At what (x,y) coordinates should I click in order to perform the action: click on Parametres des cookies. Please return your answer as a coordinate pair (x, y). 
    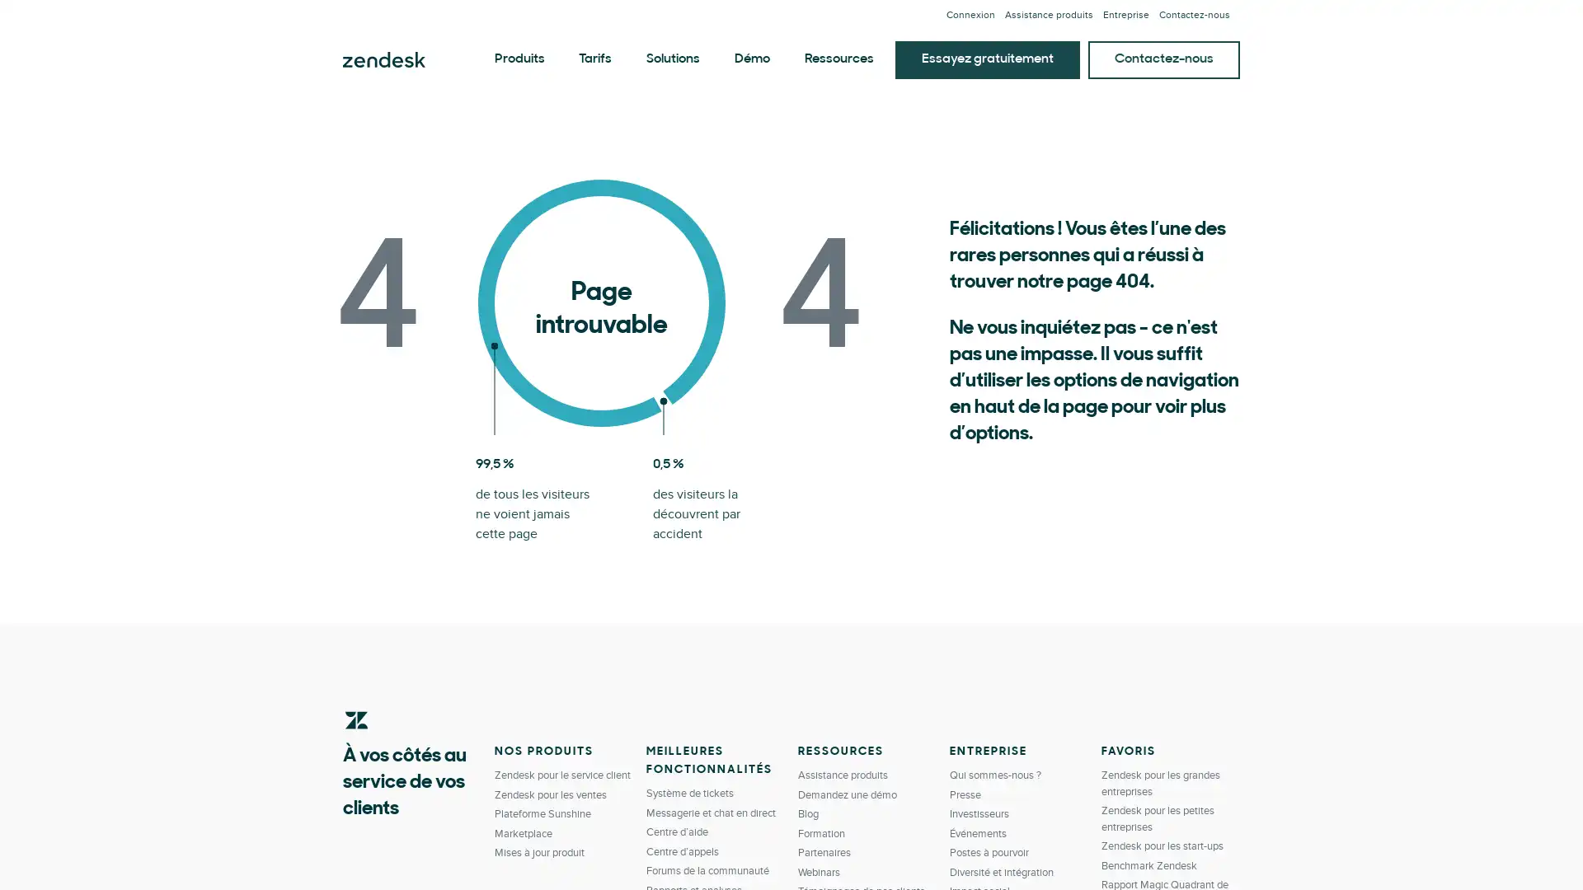
    Looking at the image, I should click on (1277, 847).